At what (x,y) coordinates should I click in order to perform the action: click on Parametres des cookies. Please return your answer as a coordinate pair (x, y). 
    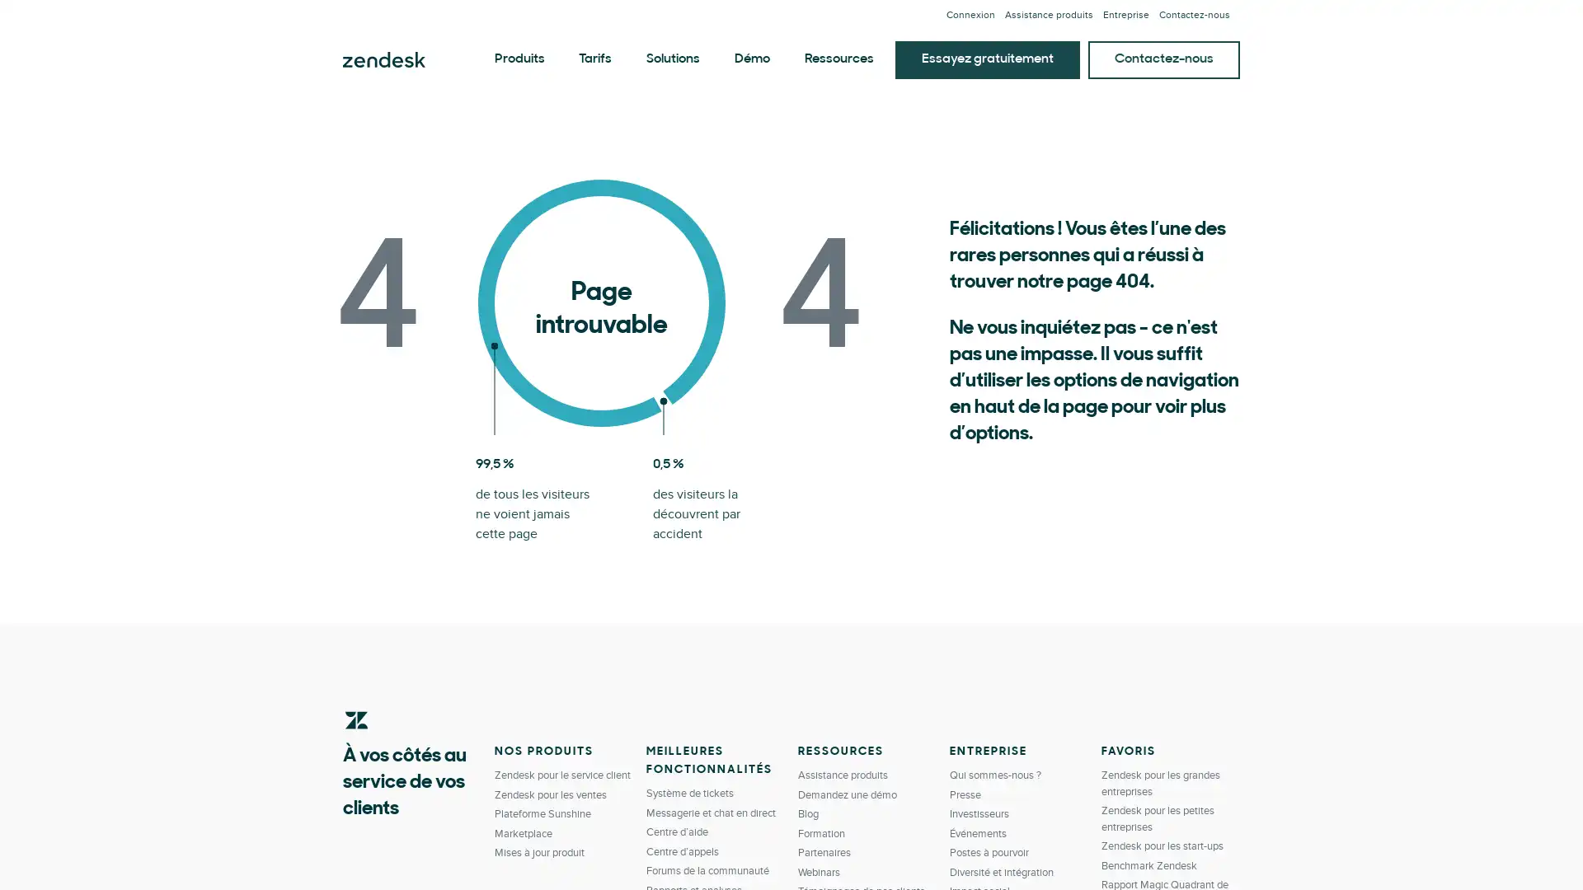
    Looking at the image, I should click on (1277, 847).